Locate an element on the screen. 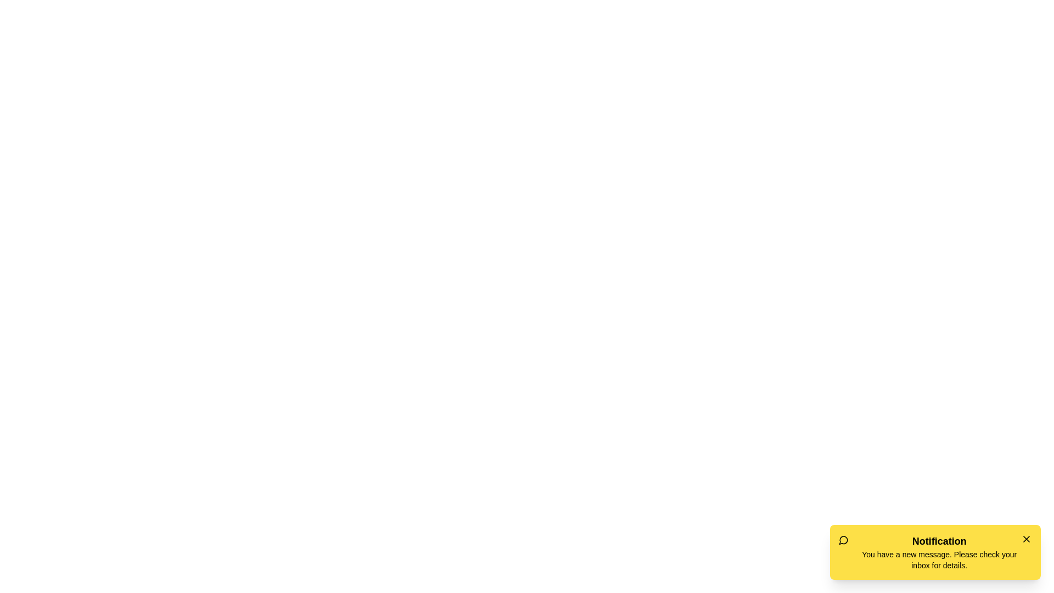  the notification icon to interact with it is located at coordinates (843, 539).